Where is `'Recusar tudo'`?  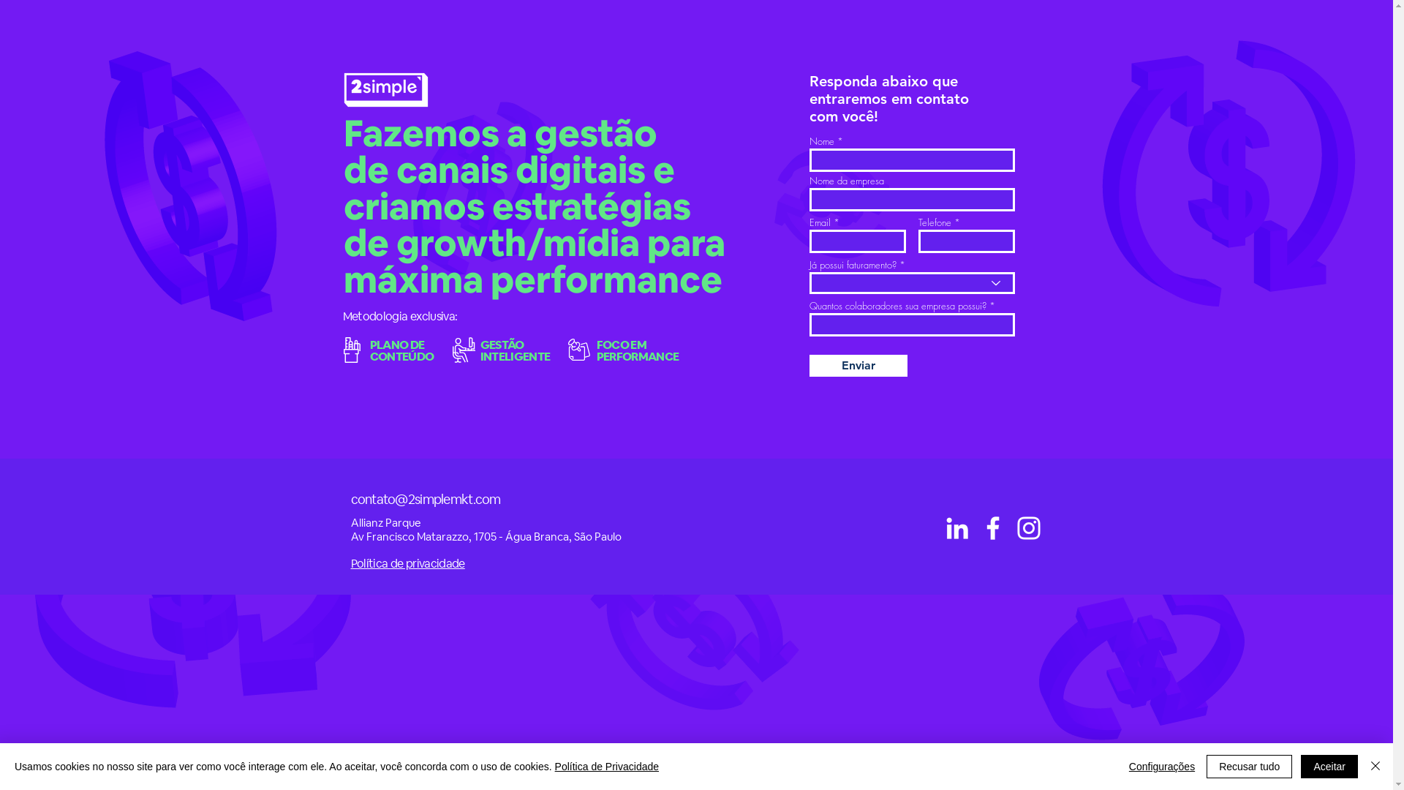 'Recusar tudo' is located at coordinates (1248, 766).